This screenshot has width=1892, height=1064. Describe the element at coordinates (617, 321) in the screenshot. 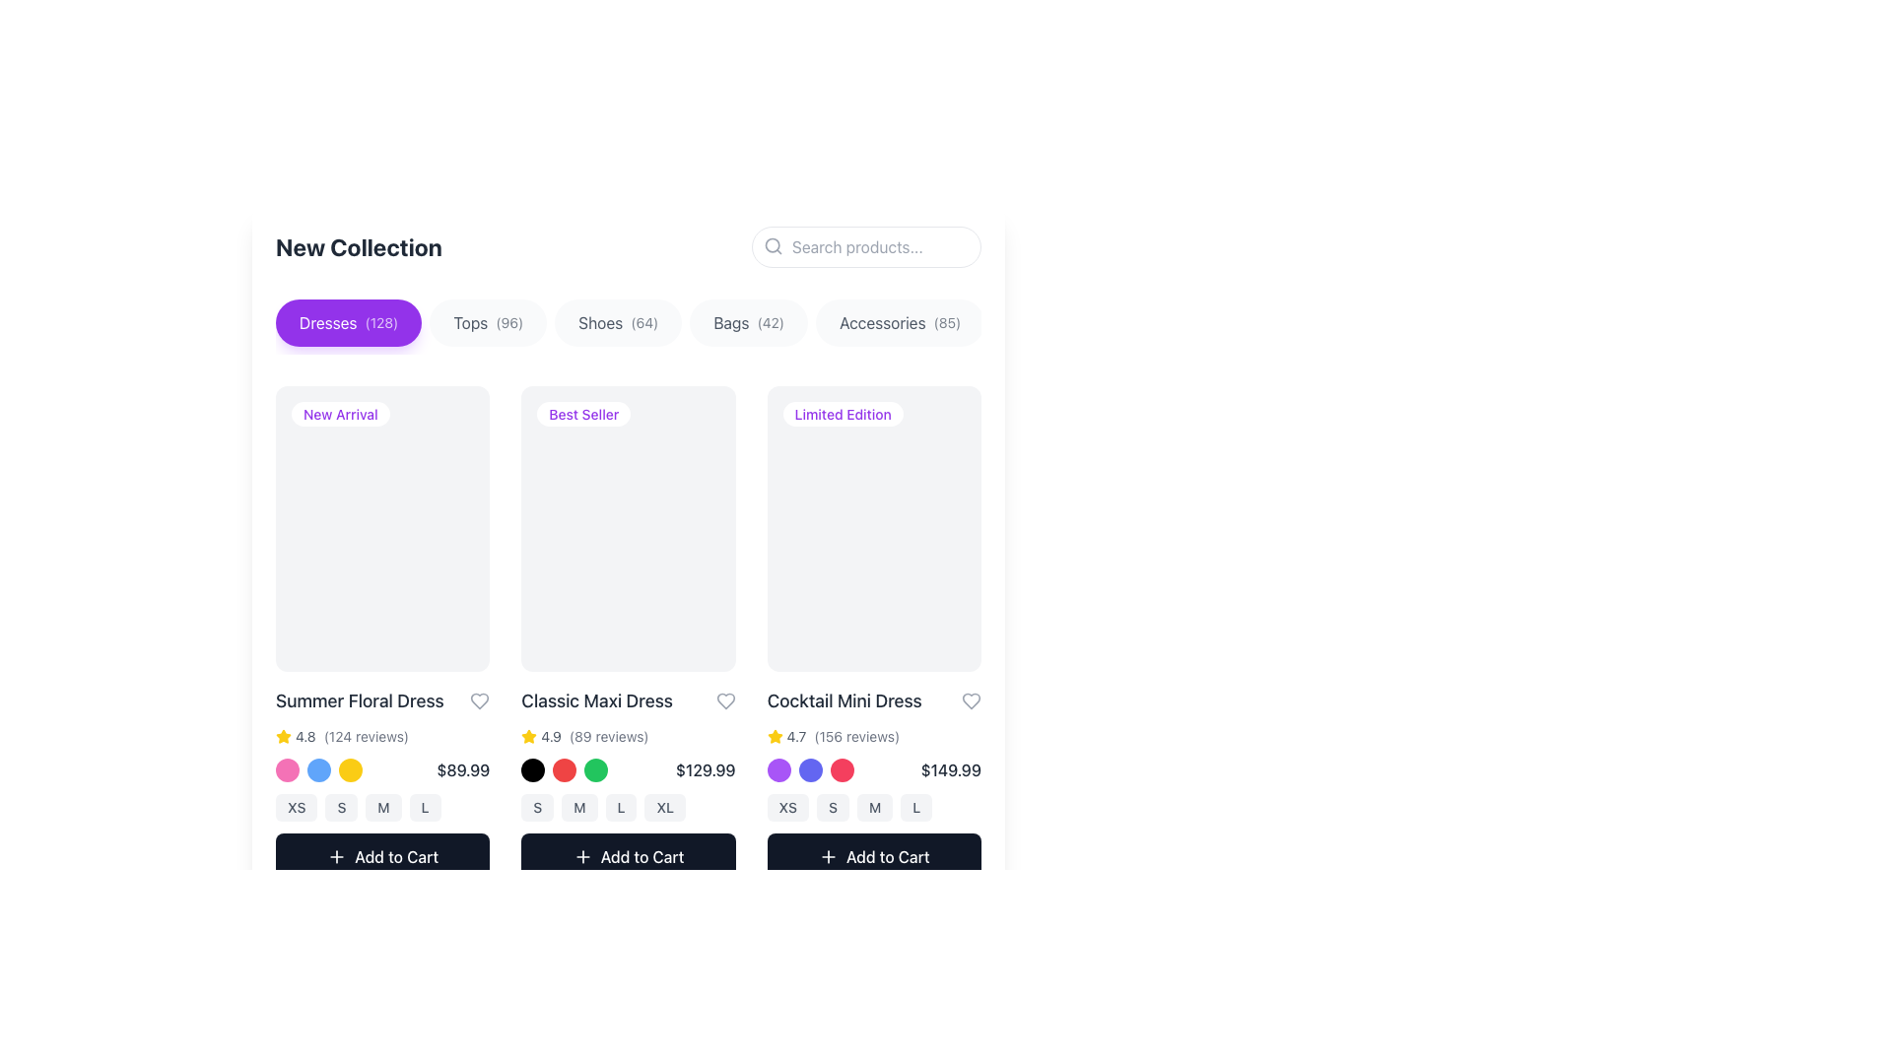

I see `the 'Shoes' category tab` at that location.